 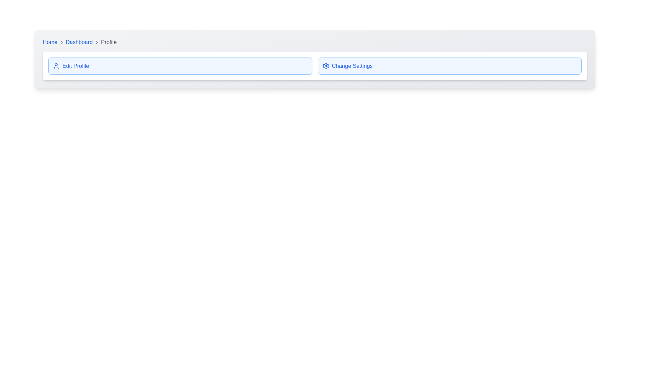 I want to click on the first hyperlink in the breadcrumb navigation, so click(x=79, y=42).